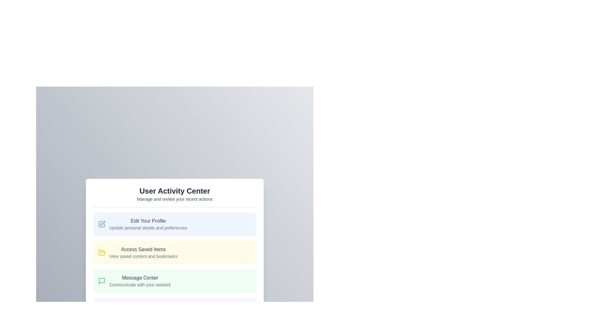 The width and height of the screenshot is (593, 334). What do you see at coordinates (175, 197) in the screenshot?
I see `information displayed in the header titled 'User Activity Center' with a description 'Manage and review your recent actions'` at bounding box center [175, 197].